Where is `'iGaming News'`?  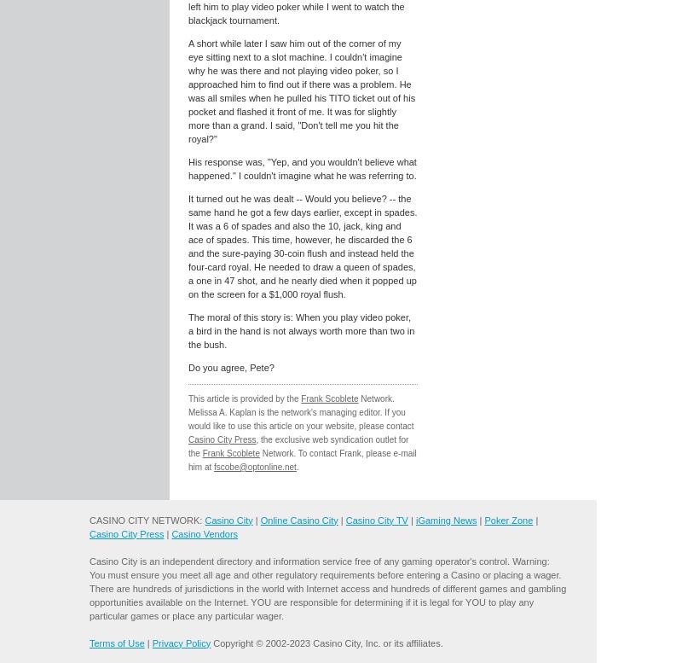 'iGaming News' is located at coordinates (445, 520).